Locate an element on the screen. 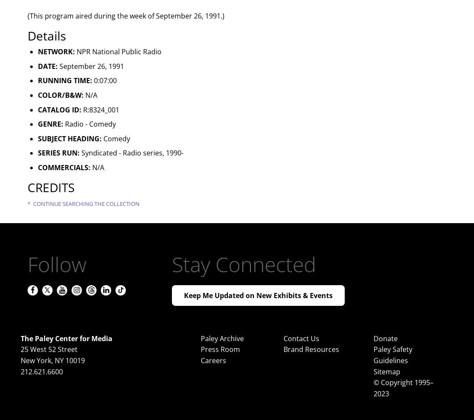 Image resolution: width=474 pixels, height=420 pixels. 'Donate' is located at coordinates (385, 338).